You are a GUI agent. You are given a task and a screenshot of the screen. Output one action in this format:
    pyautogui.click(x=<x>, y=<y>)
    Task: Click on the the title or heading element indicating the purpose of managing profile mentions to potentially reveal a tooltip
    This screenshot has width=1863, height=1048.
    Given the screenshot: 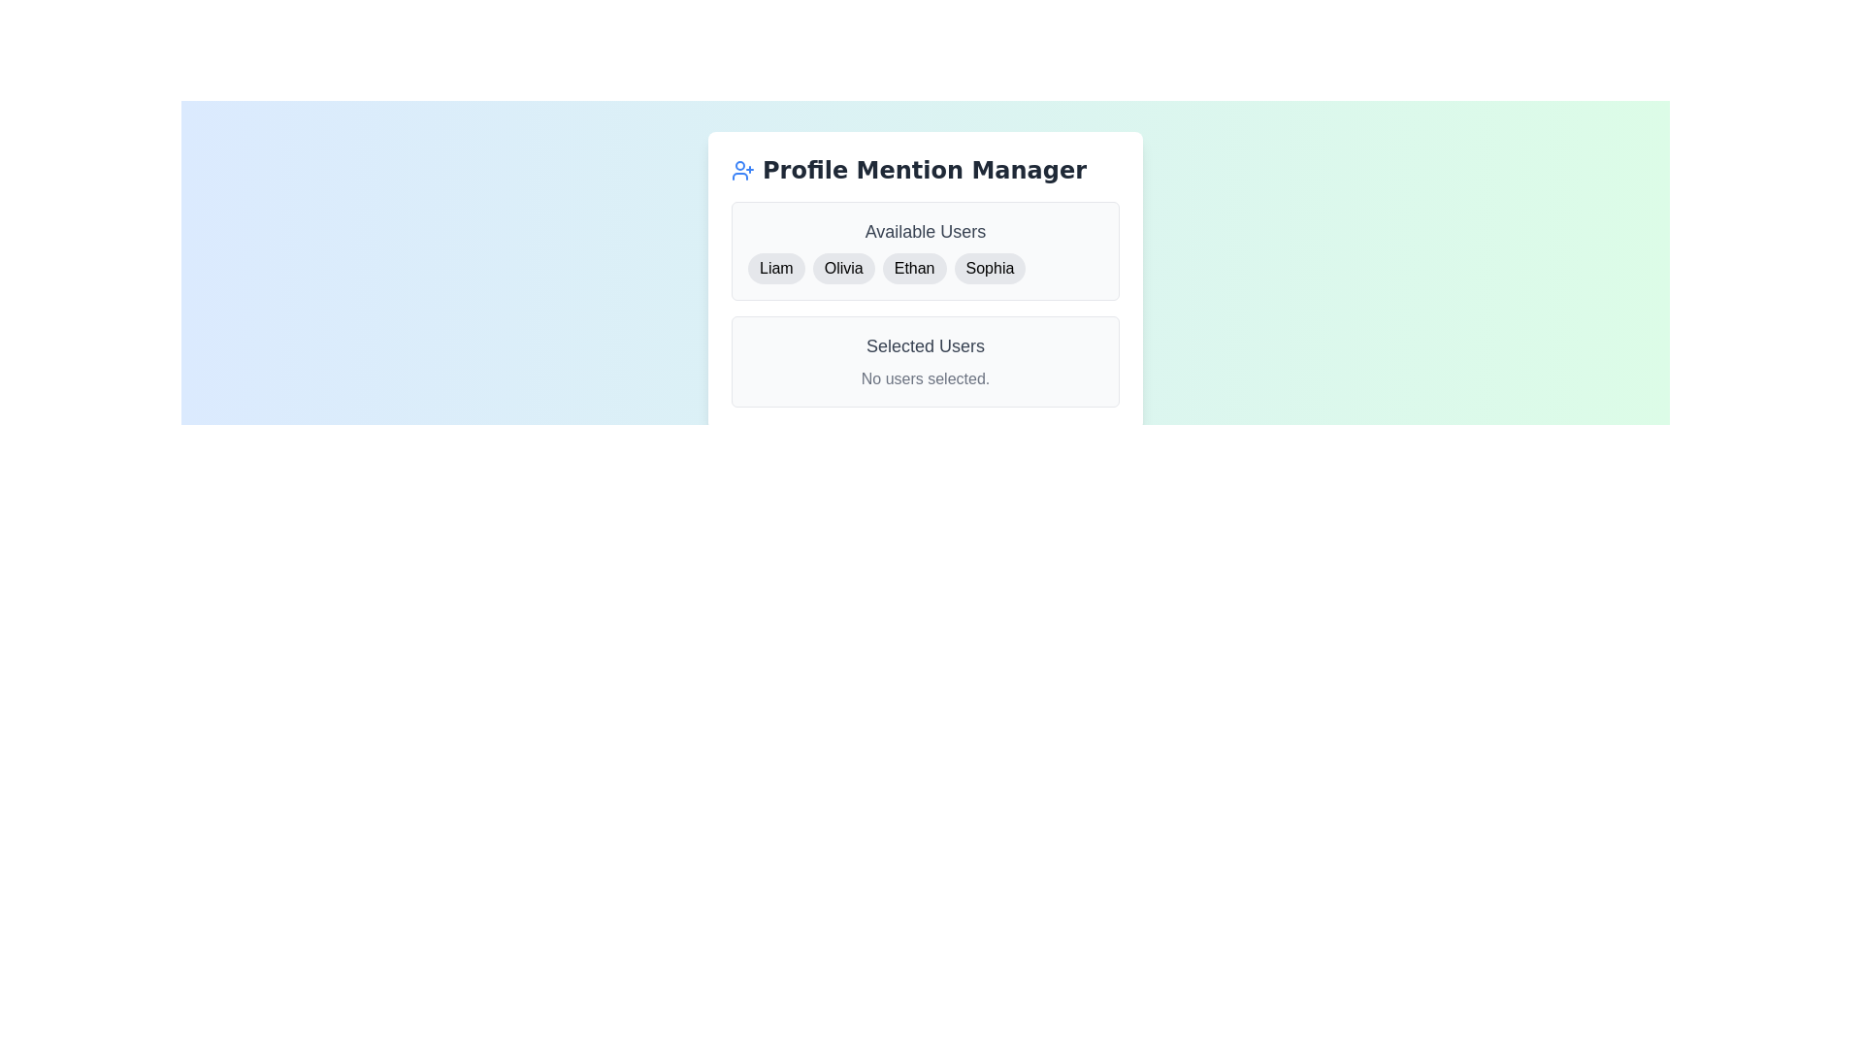 What is the action you would take?
    pyautogui.click(x=925, y=170)
    